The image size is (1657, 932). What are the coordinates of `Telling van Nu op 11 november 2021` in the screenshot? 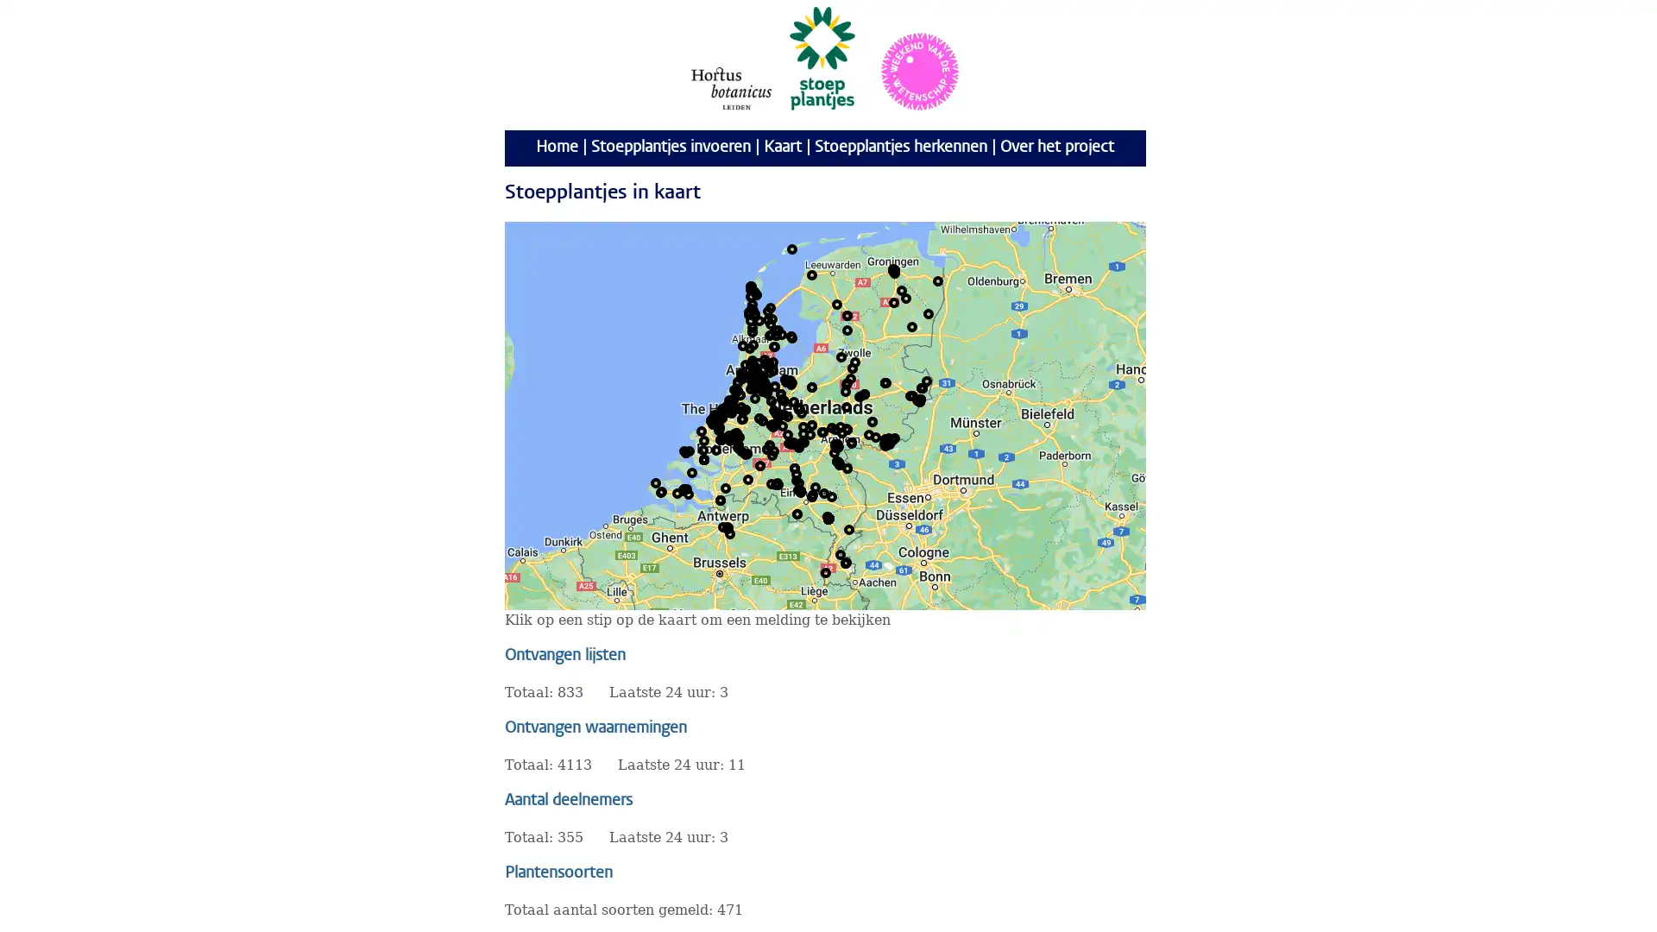 It's located at (754, 291).